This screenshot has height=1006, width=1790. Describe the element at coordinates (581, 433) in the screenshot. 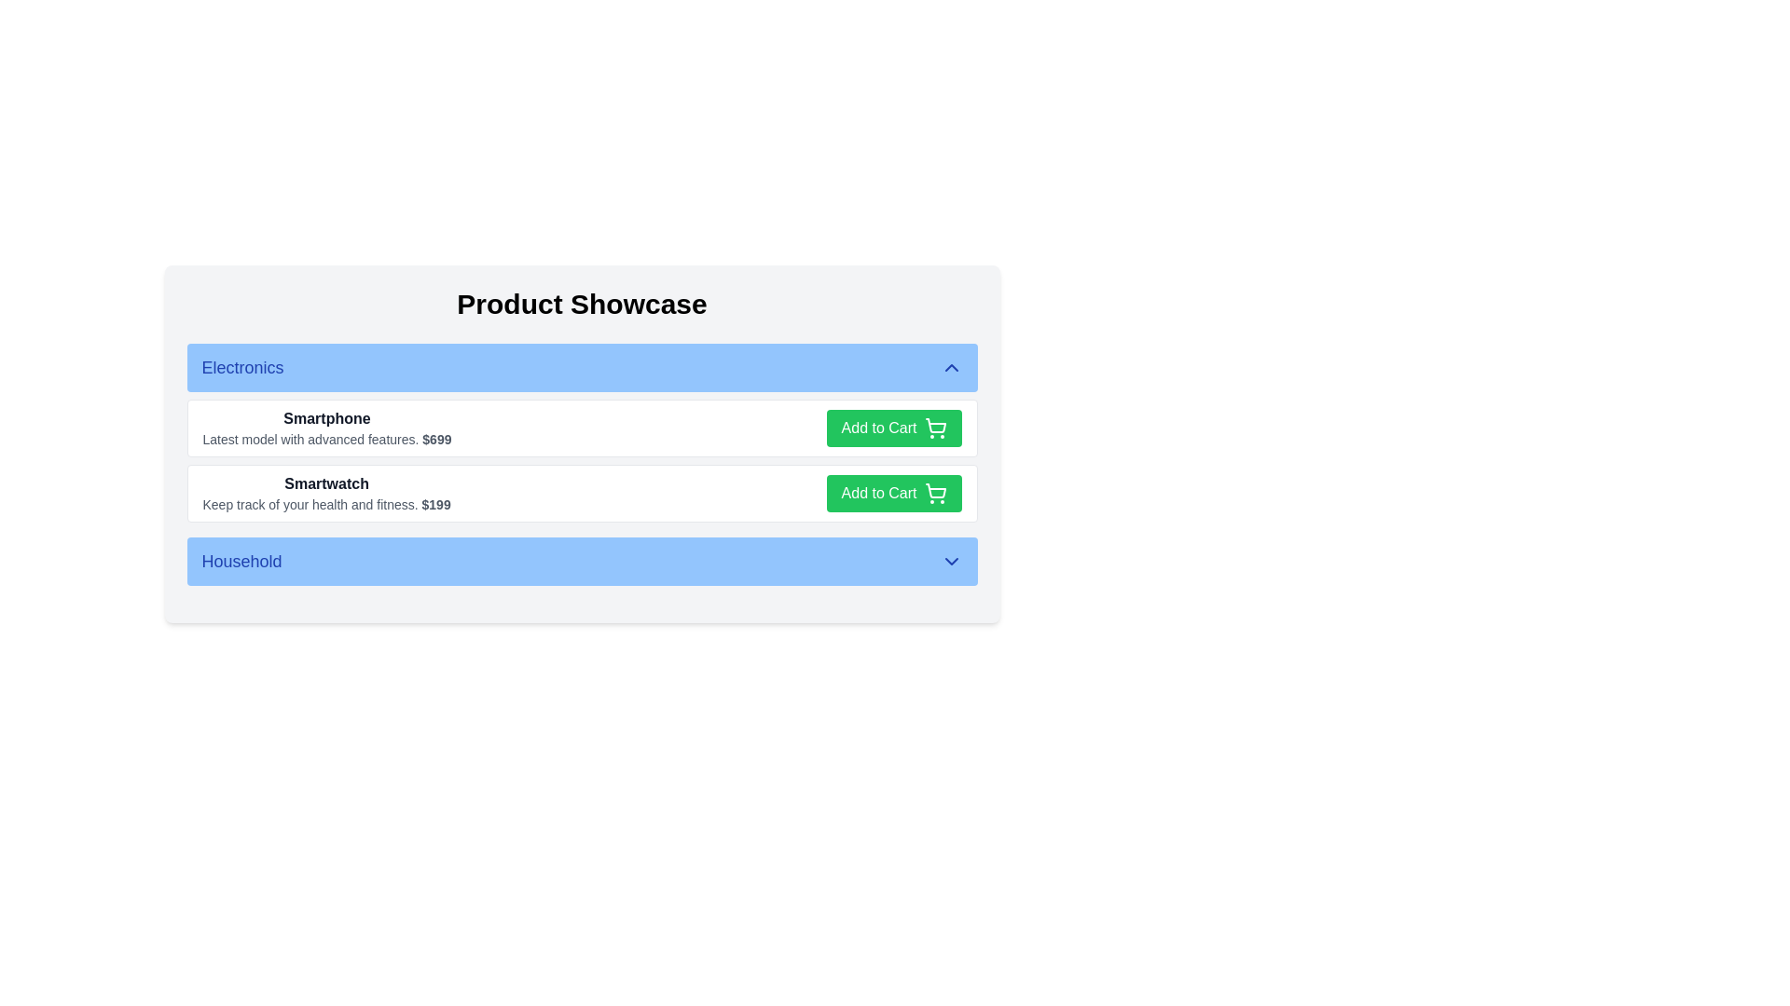

I see `the product entries in the 'Electronics' section of the product showcase` at that location.